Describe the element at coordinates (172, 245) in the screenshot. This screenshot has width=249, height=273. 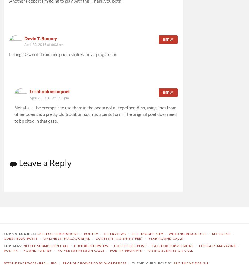
I see `'call for submissions'` at that location.